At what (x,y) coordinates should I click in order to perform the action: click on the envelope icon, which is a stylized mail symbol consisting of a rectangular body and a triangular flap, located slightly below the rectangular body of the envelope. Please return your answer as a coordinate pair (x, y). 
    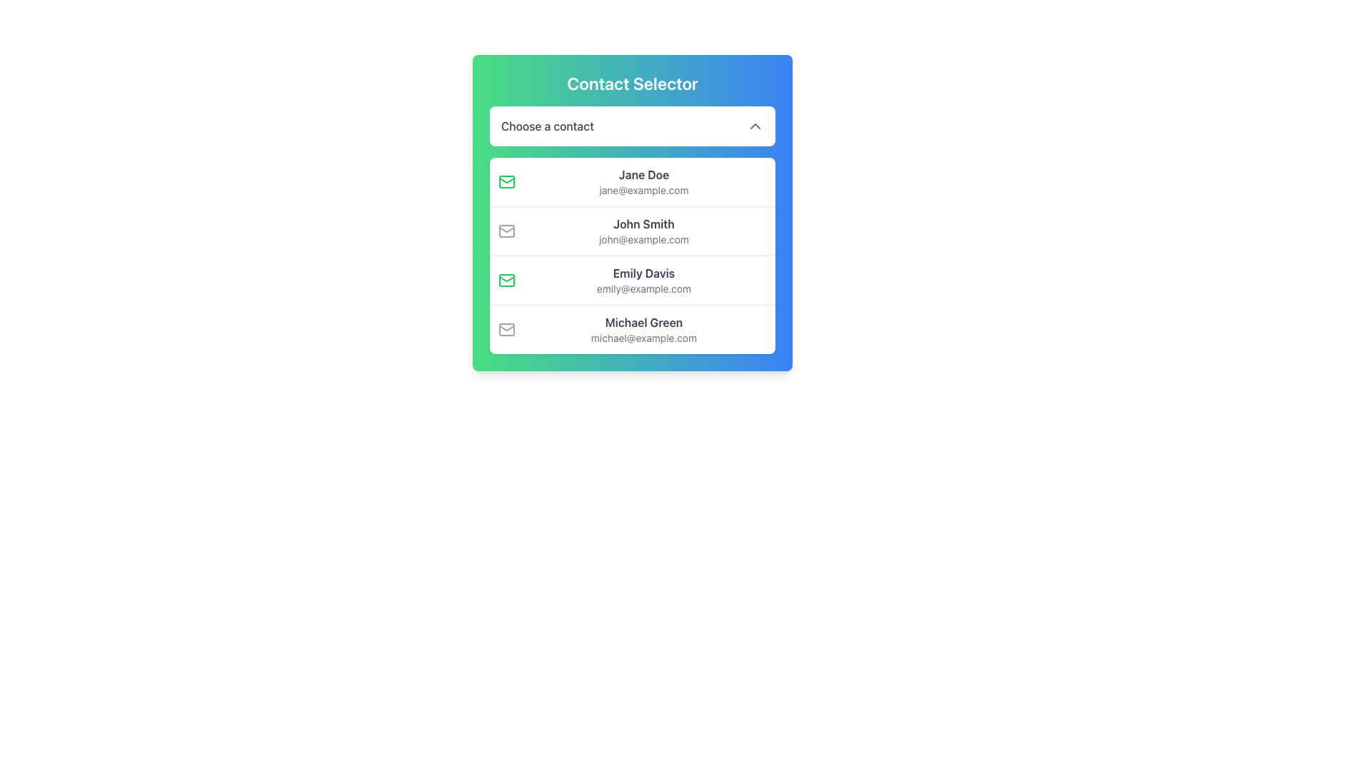
    Looking at the image, I should click on (507, 328).